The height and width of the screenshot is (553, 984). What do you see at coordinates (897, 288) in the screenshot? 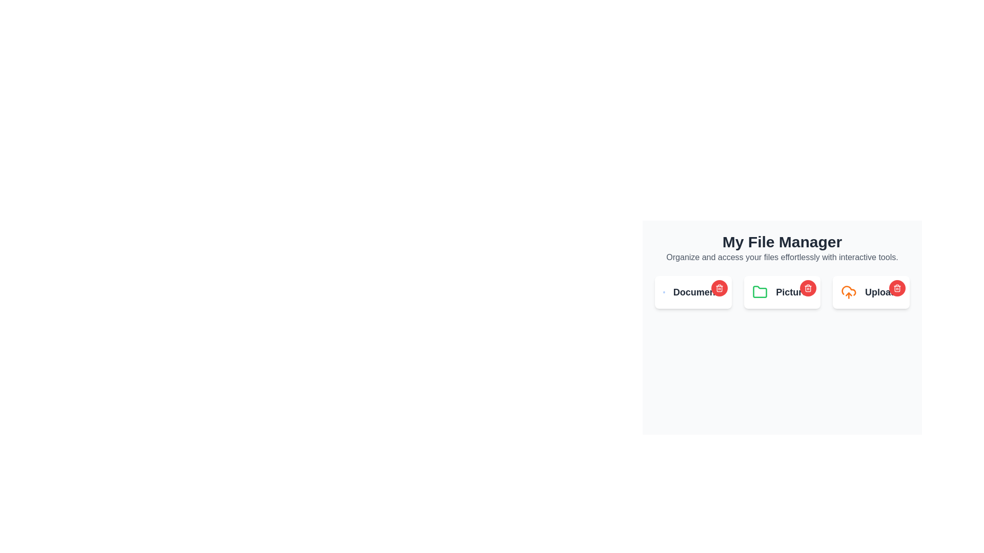
I see `the circular red icon button with a white trash bin symbol located in the top-right corner of the 'Uploads' card` at bounding box center [897, 288].